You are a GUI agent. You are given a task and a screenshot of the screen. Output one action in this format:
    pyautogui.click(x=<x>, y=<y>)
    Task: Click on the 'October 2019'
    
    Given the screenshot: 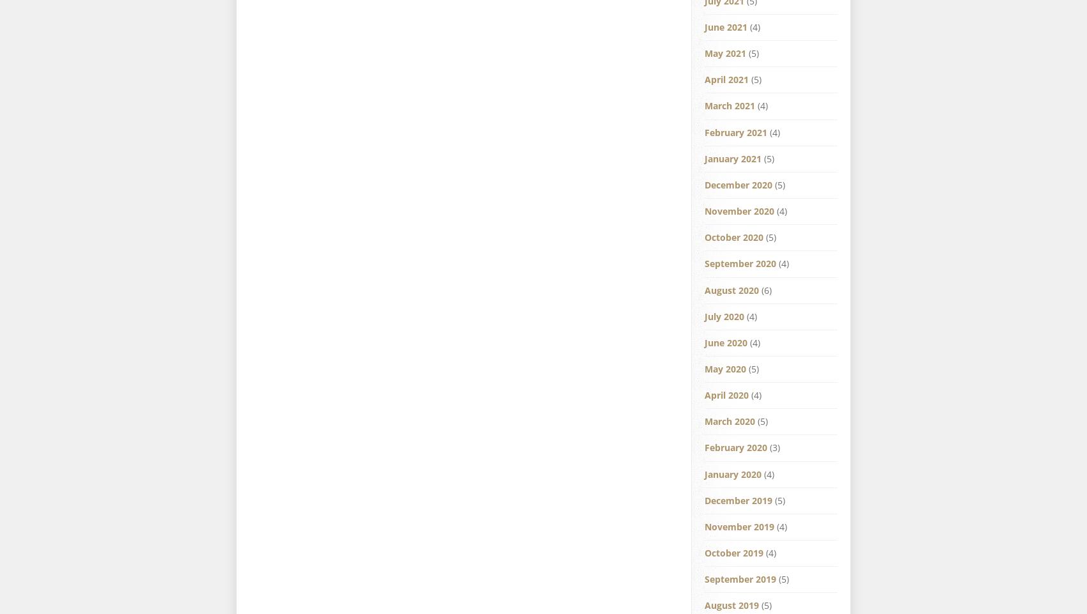 What is the action you would take?
    pyautogui.click(x=734, y=552)
    